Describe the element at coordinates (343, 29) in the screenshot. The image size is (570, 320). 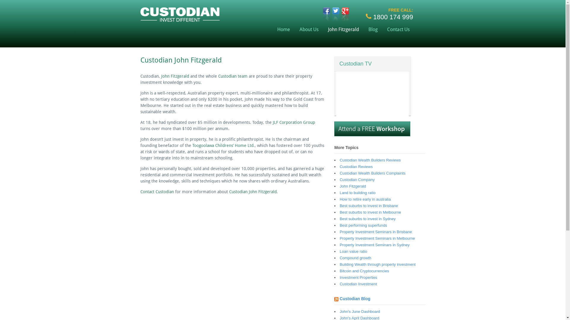
I see `'John Fitzgerald'` at that location.